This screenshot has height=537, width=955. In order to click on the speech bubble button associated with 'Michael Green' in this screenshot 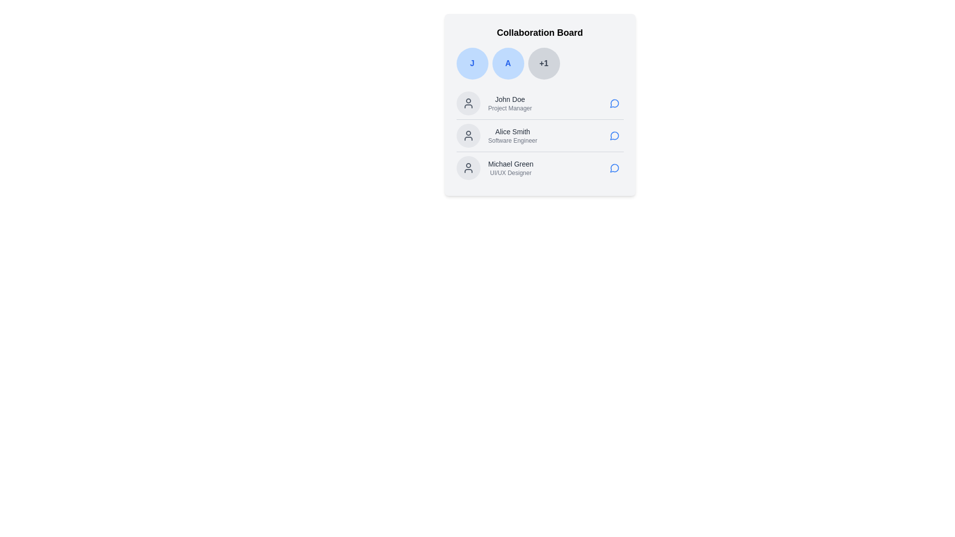, I will do `click(614, 168)`.